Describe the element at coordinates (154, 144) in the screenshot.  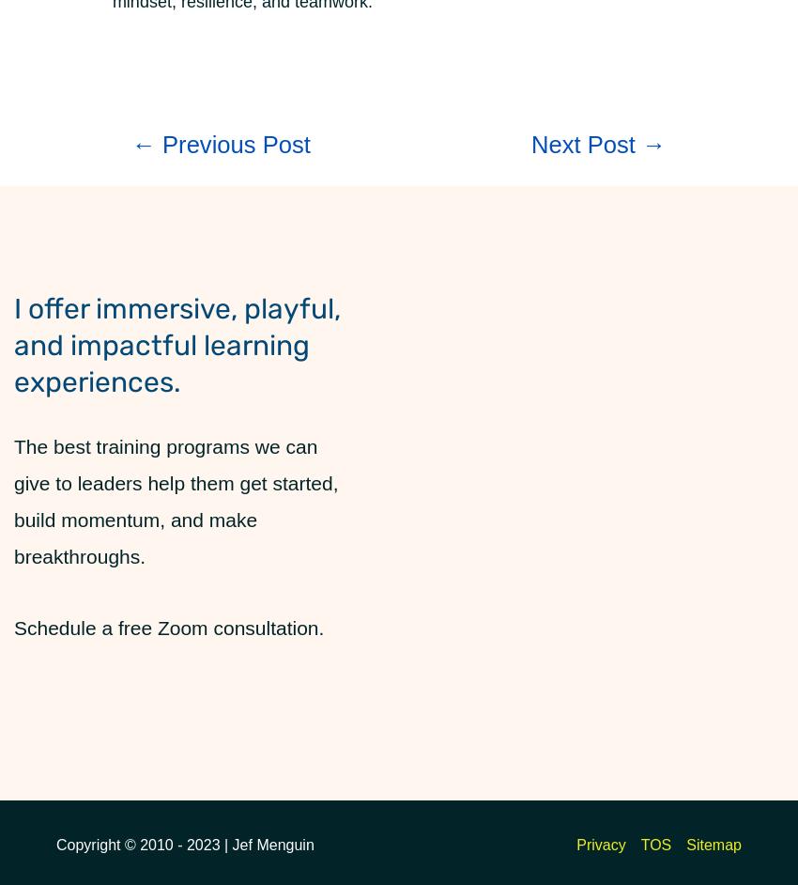
I see `'Previous Post'` at that location.